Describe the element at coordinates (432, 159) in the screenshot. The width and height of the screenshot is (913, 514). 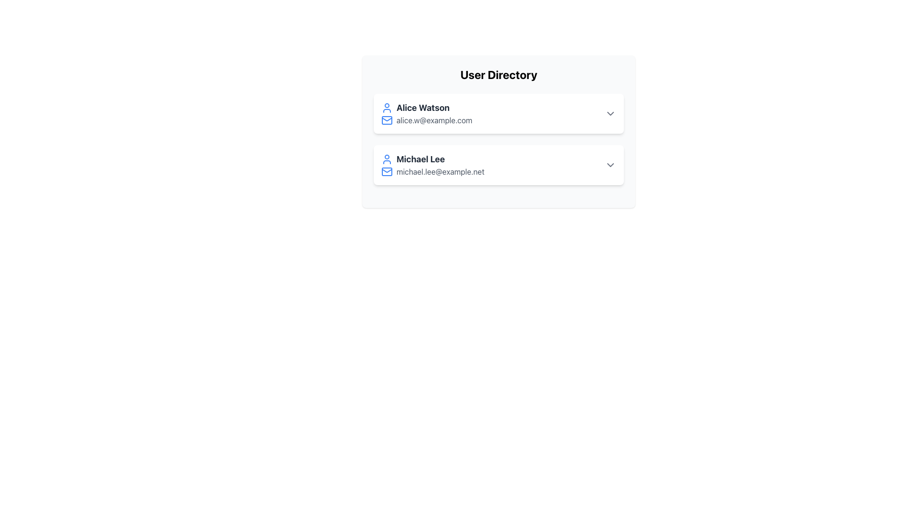
I see `the text display element showing 'Michael Lee' with a blue user icon to its left` at that location.